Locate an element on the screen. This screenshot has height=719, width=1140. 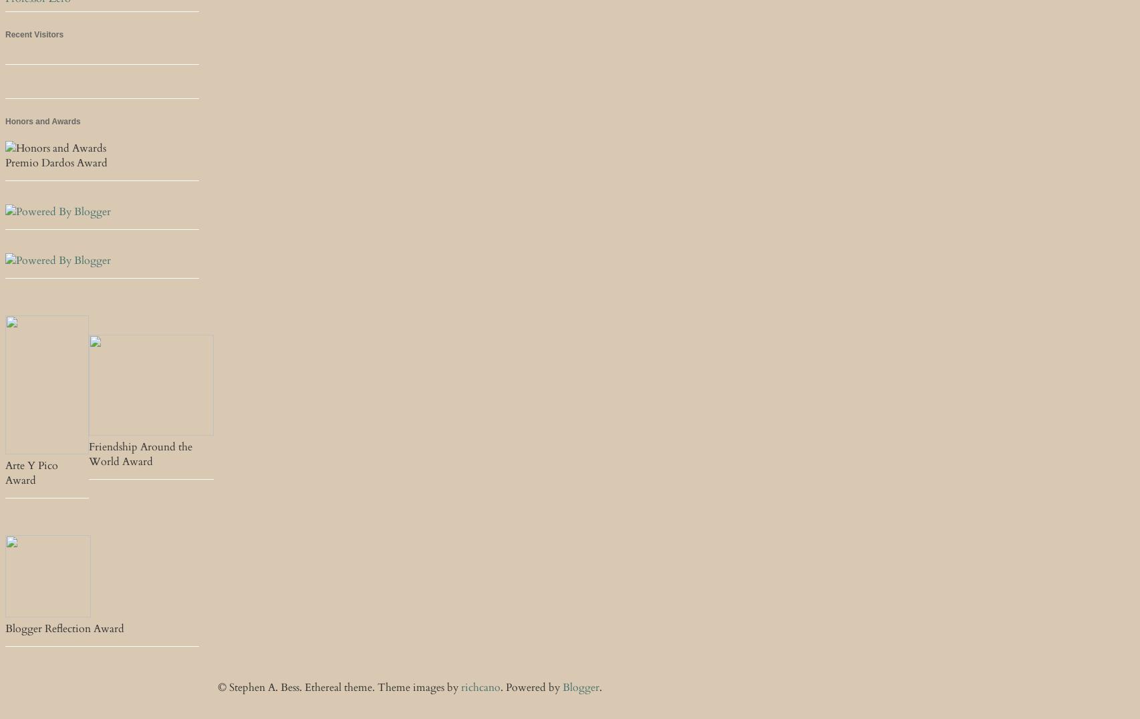
'© Stephen A. Bess. Ethereal theme. Theme images by' is located at coordinates (338, 686).